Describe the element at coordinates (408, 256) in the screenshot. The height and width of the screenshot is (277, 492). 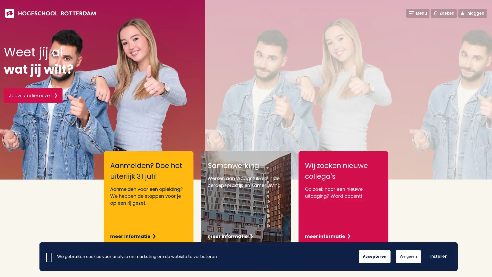
I see `Weigeren` at that location.